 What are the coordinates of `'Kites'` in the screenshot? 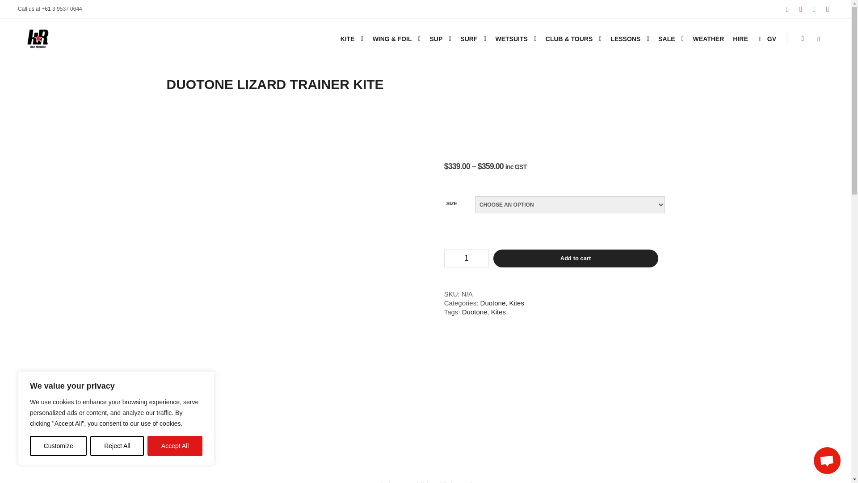 It's located at (498, 311).